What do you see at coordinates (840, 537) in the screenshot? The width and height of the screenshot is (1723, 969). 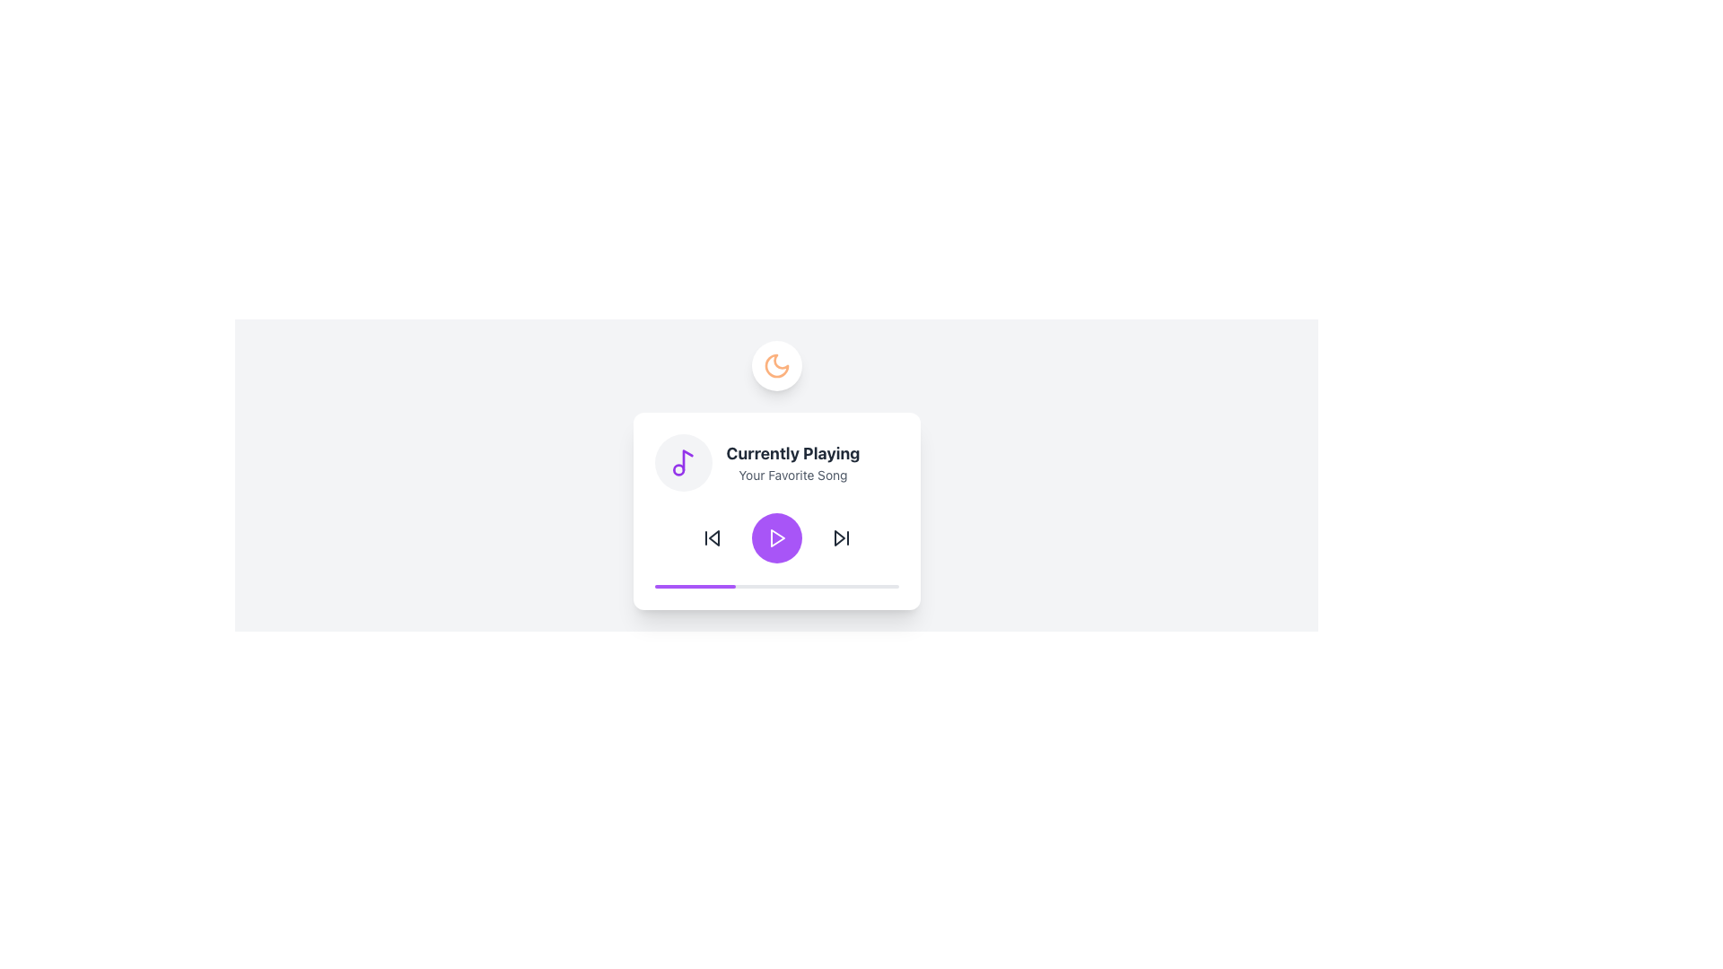 I see `the 'Skip Forward' button located at the bottom central portion of the interface` at bounding box center [840, 537].